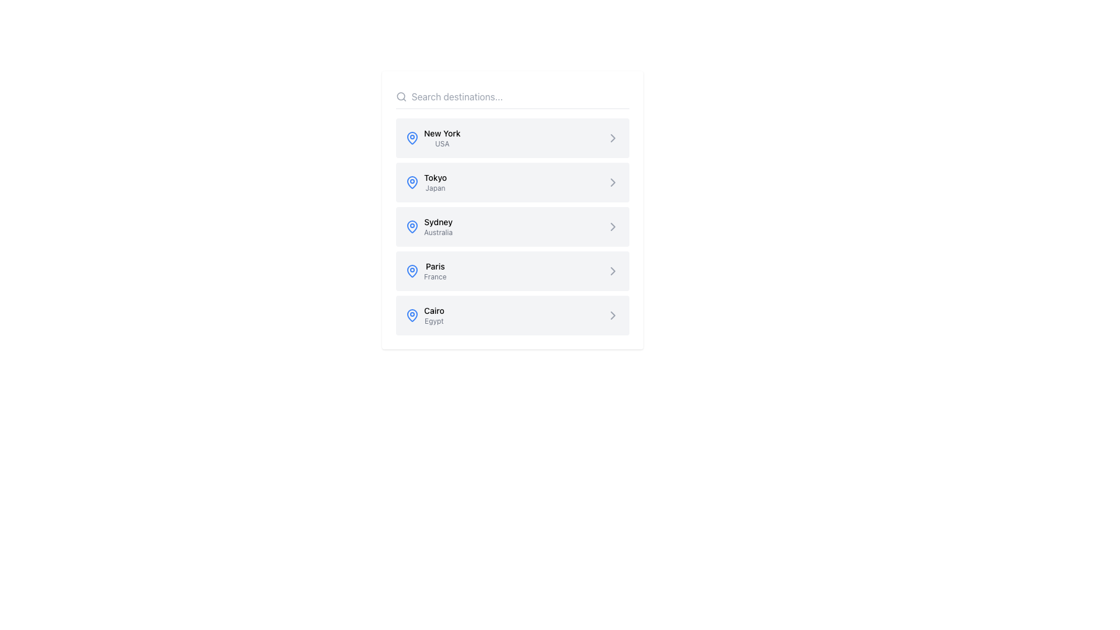 This screenshot has width=1120, height=630. I want to click on the upper boundary of the blue map pin icon, which is located to the left of the 'New York' text, so click(412, 315).